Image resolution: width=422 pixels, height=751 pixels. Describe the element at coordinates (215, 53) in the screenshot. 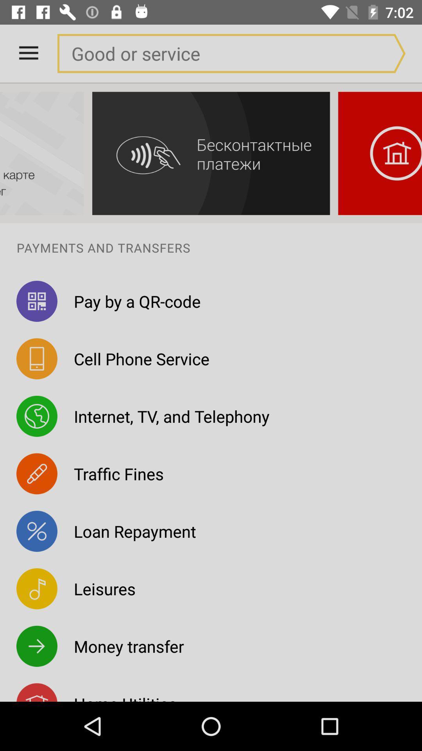

I see `search string` at that location.